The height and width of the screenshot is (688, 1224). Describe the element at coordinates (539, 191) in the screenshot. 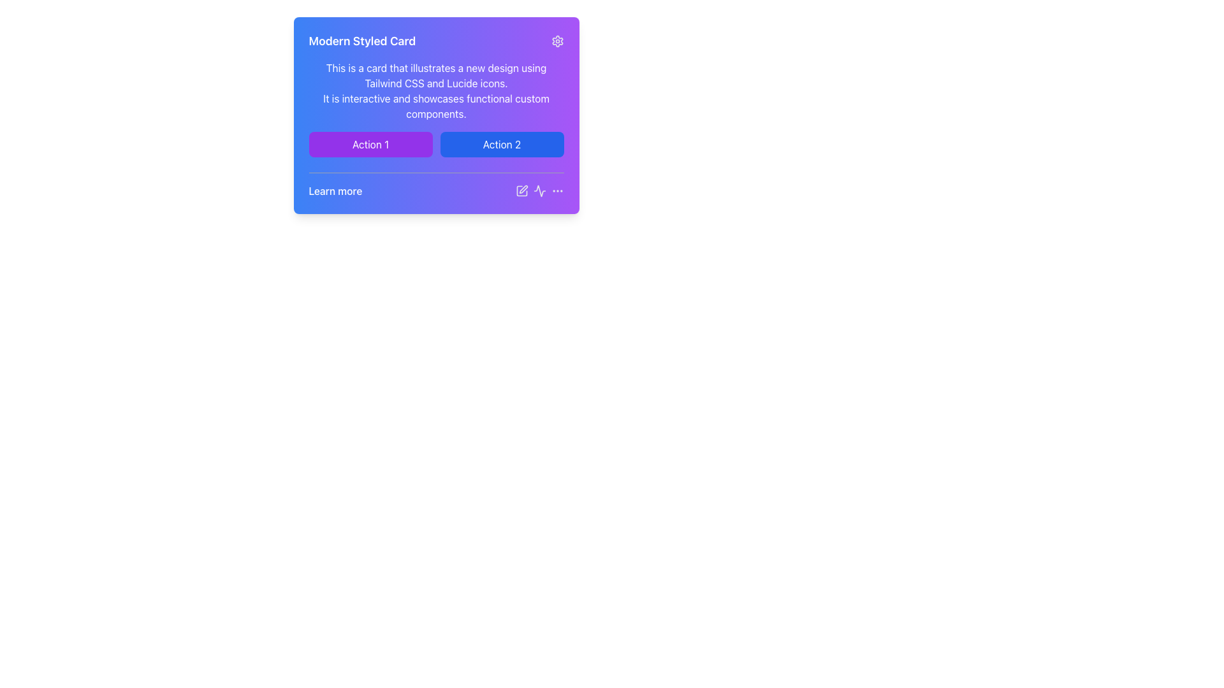

I see `the waveform icon, which is the fourth icon in a horizontal row within a card-like widget, located in the bottom-right corner` at that location.